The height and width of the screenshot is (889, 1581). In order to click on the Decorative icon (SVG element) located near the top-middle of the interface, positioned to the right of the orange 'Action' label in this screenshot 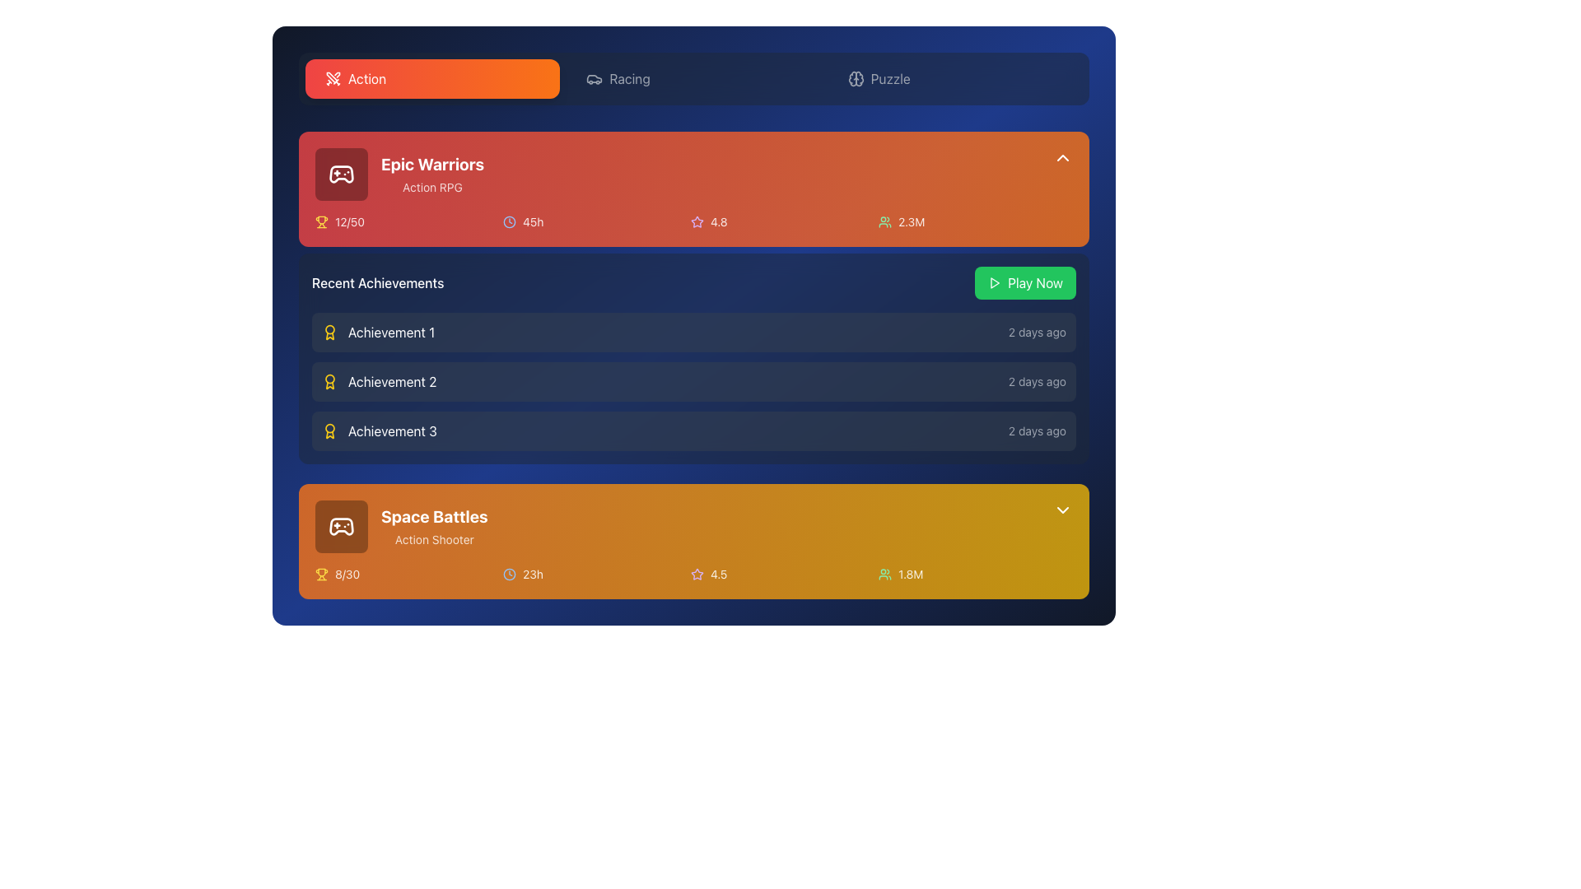, I will do `click(852, 79)`.